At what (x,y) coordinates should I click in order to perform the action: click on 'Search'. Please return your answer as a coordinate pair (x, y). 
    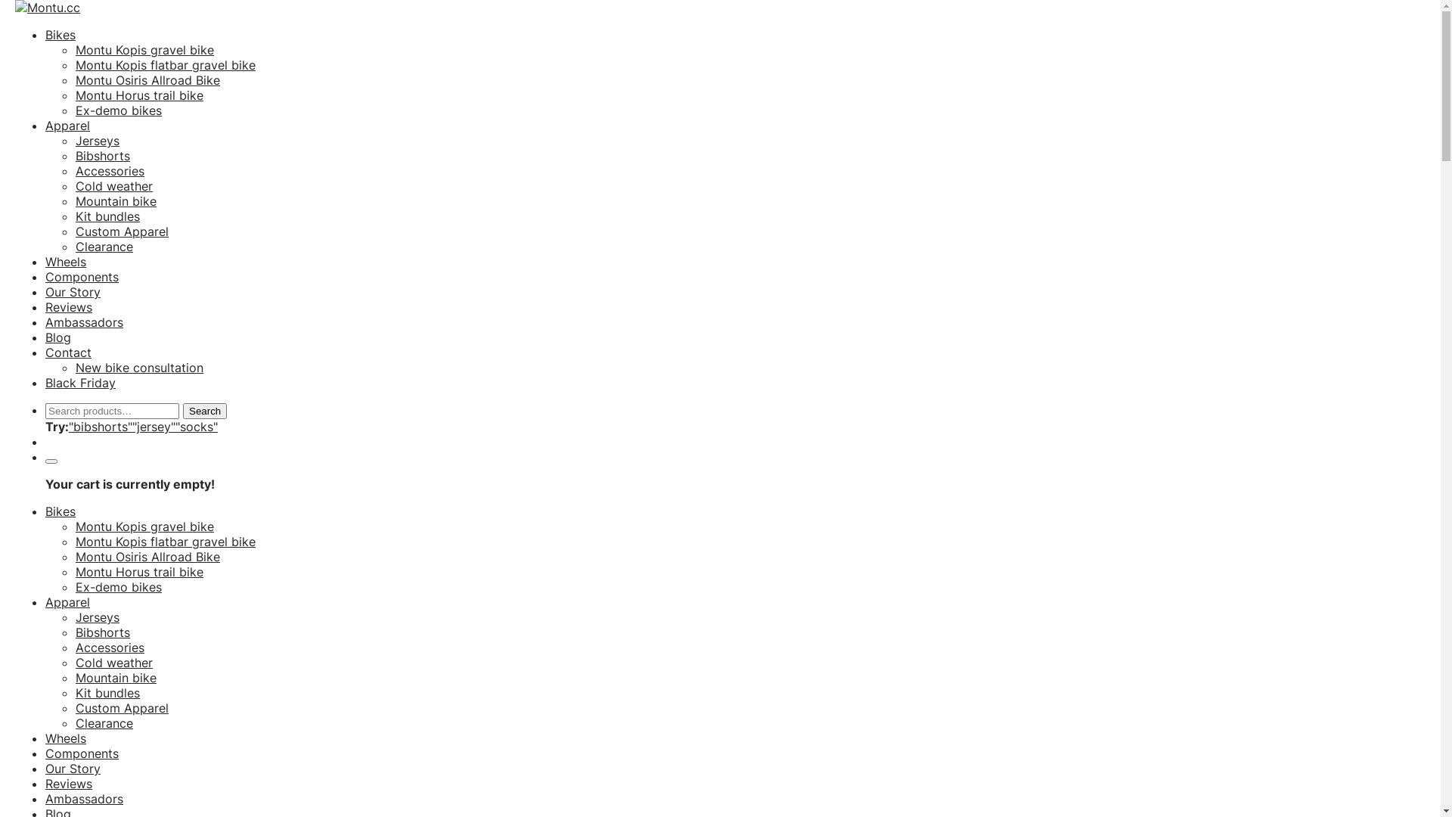
    Looking at the image, I should click on (203, 411).